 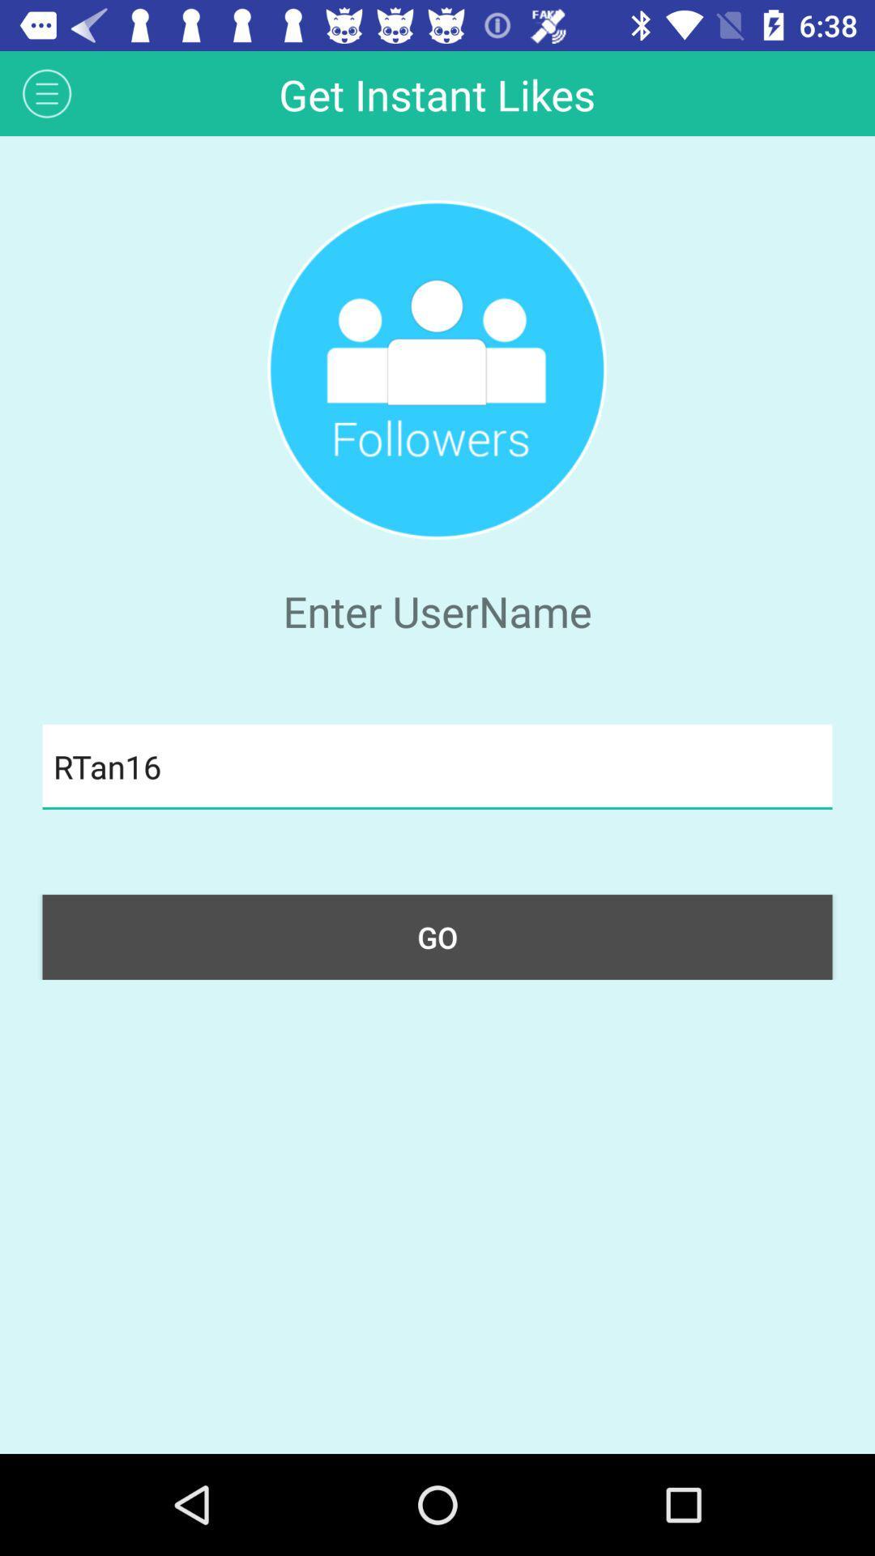 I want to click on icon to the left of the get instant likes icon, so click(x=46, y=92).